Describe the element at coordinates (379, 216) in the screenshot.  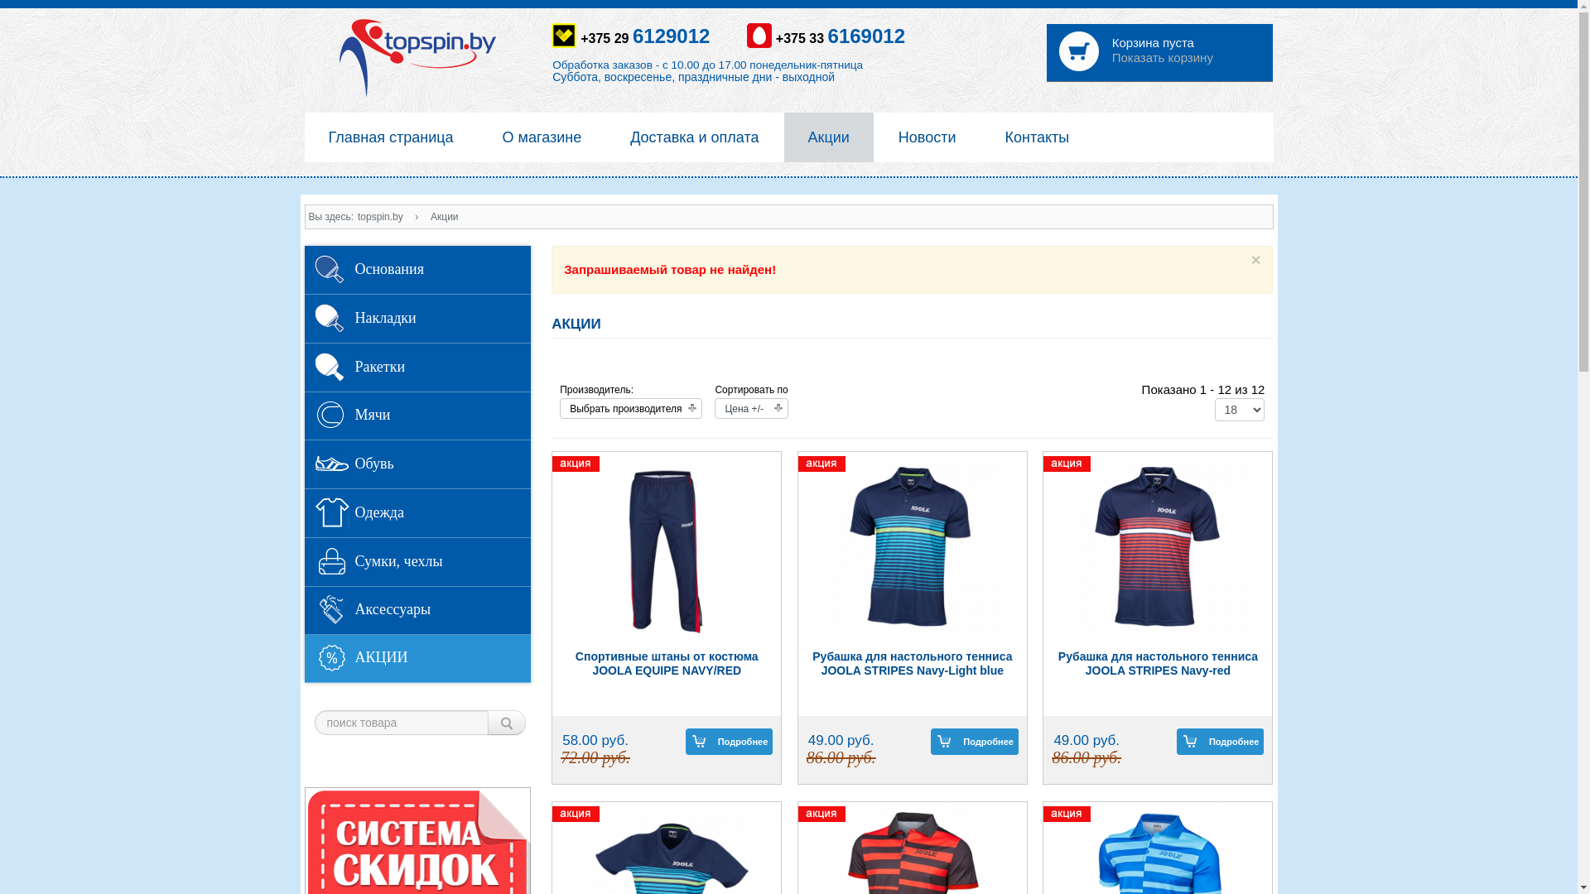
I see `'topspin.by'` at that location.